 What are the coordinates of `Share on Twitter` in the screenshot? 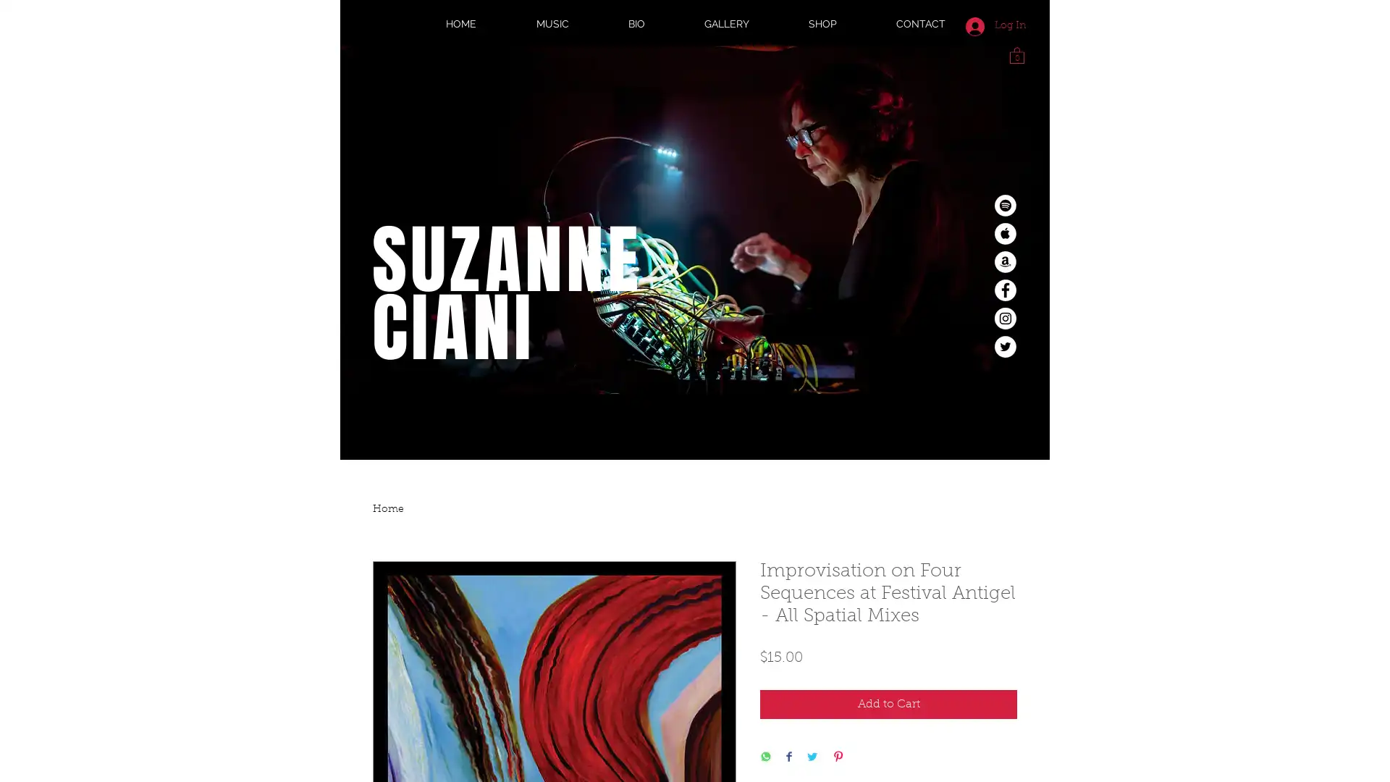 It's located at (812, 757).